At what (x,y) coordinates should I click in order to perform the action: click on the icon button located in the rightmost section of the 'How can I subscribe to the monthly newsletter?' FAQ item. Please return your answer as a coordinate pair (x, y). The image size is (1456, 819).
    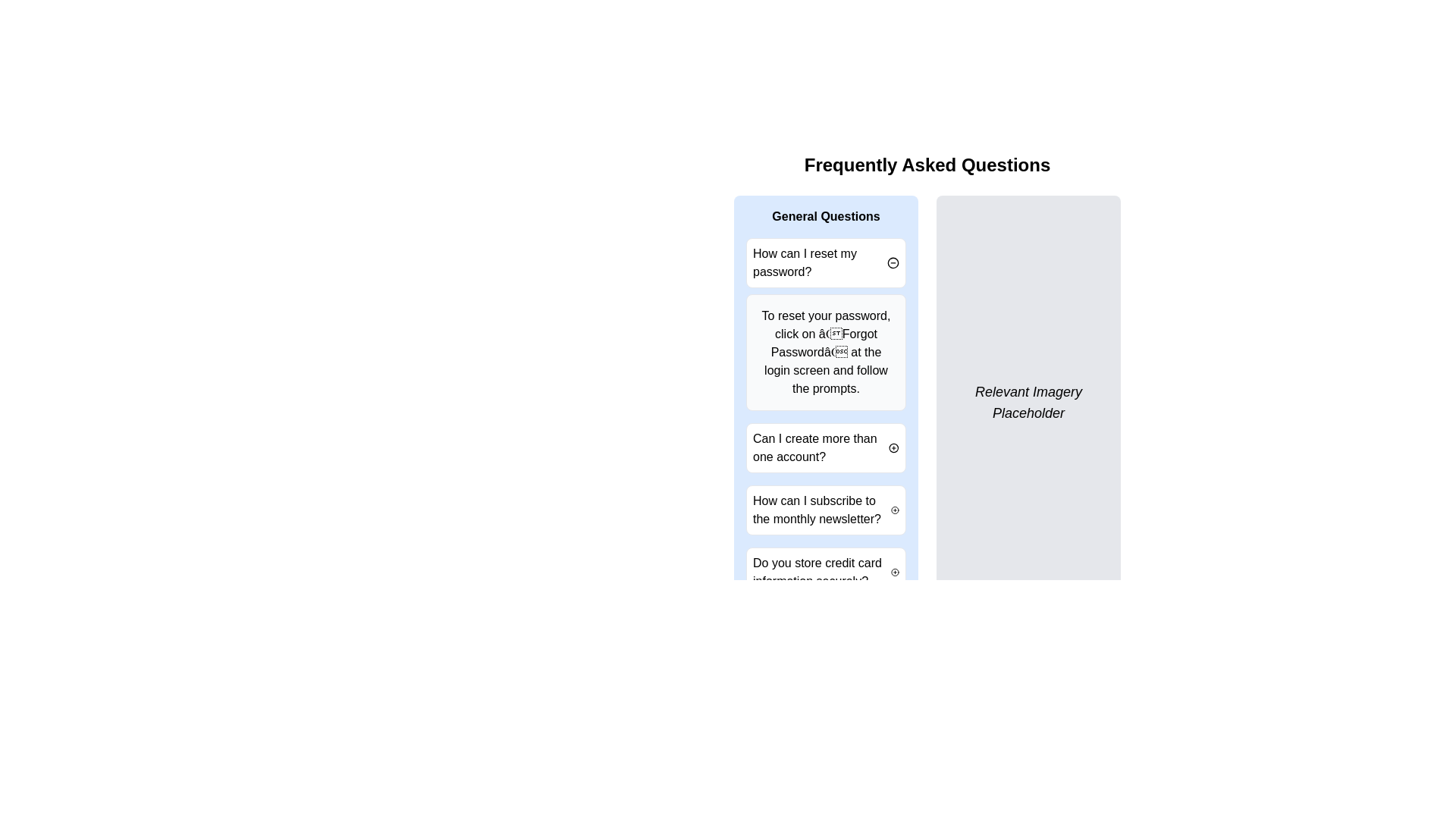
    Looking at the image, I should click on (895, 510).